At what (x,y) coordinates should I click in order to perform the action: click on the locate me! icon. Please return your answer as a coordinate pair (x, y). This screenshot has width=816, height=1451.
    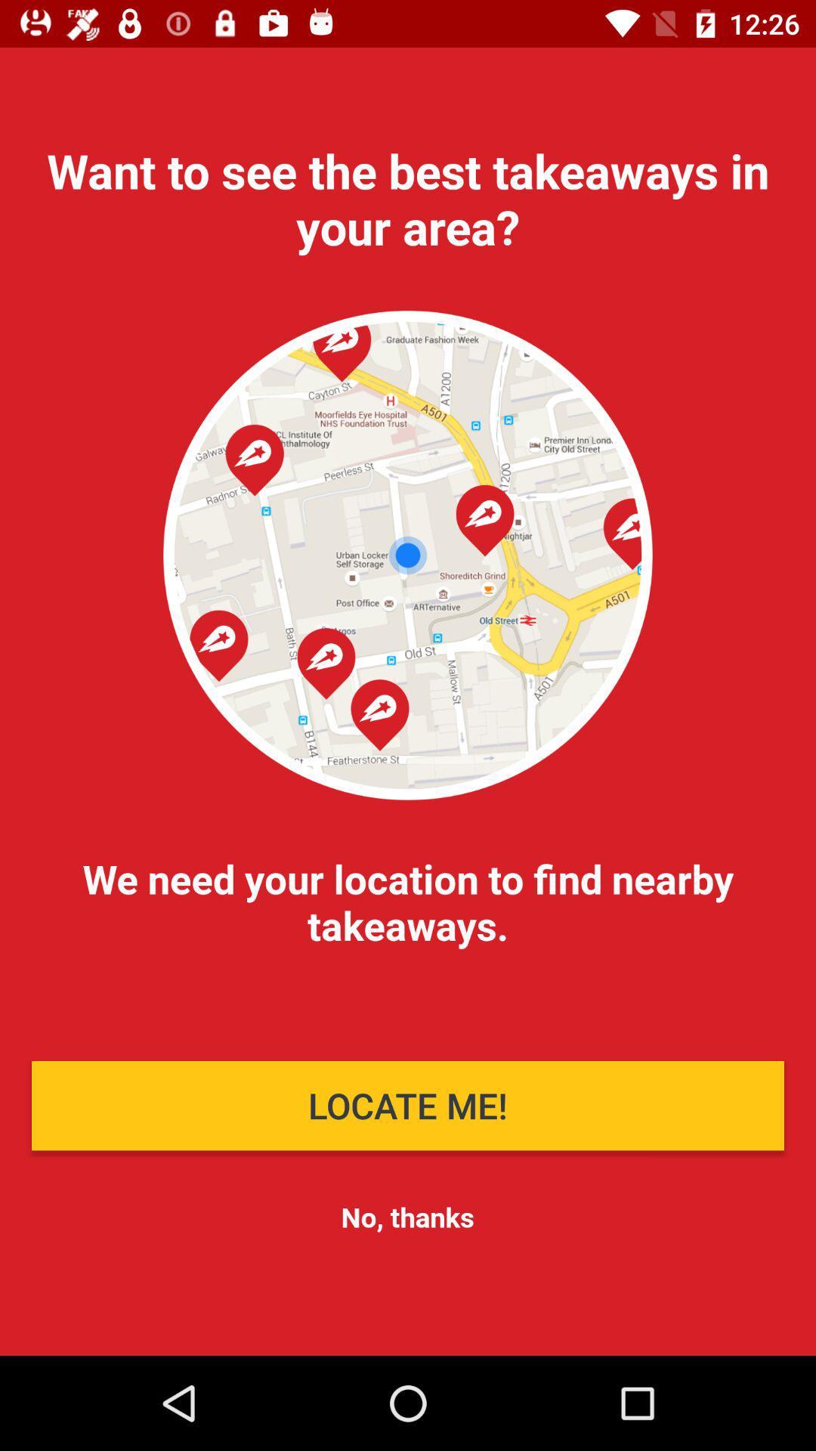
    Looking at the image, I should click on (408, 1106).